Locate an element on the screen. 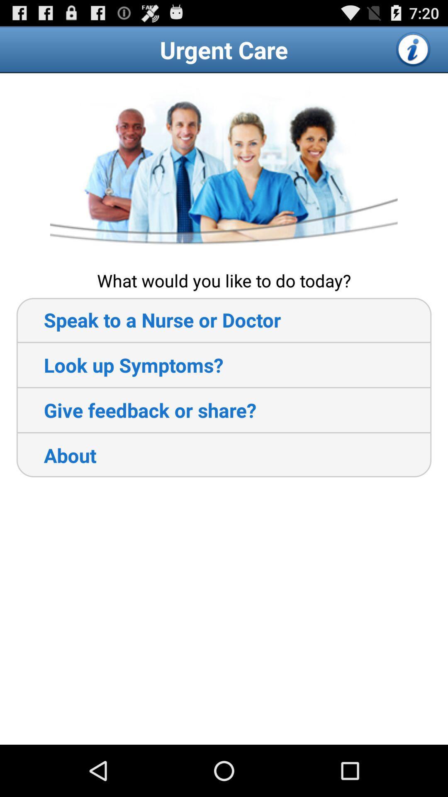 The height and width of the screenshot is (797, 448). open more information is located at coordinates (414, 49).